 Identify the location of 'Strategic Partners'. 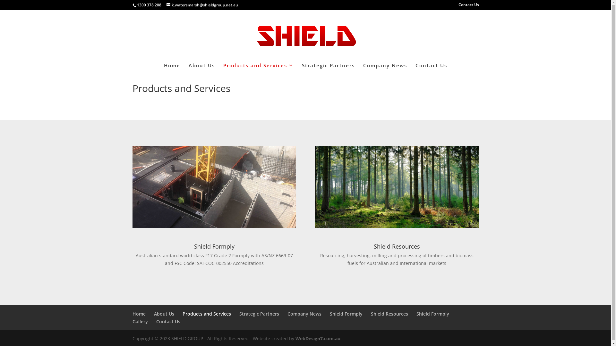
(239, 313).